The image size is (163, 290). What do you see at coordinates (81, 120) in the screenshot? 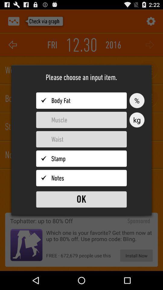
I see `input muscle item` at bounding box center [81, 120].